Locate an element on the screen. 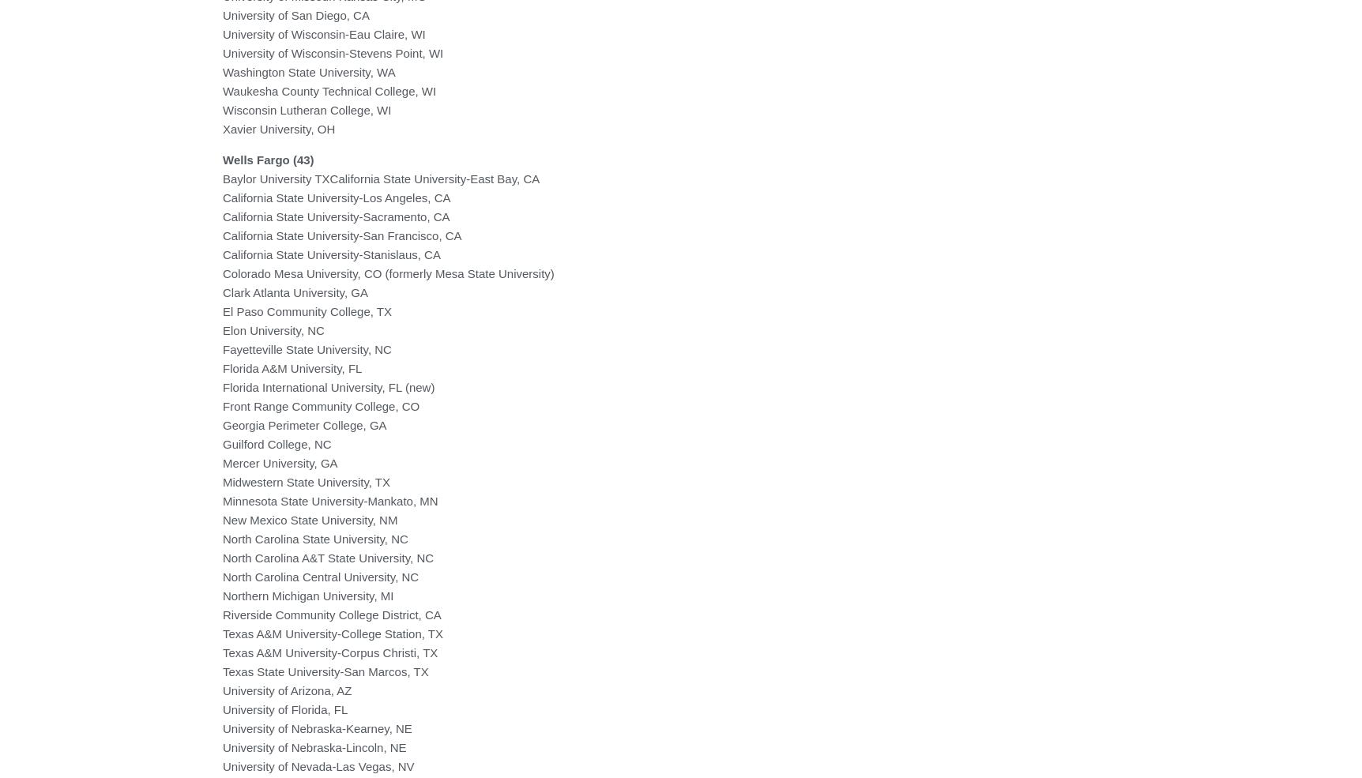 The height and width of the screenshot is (778, 1362). 'Fayetteville State University, NC' is located at coordinates (306, 348).